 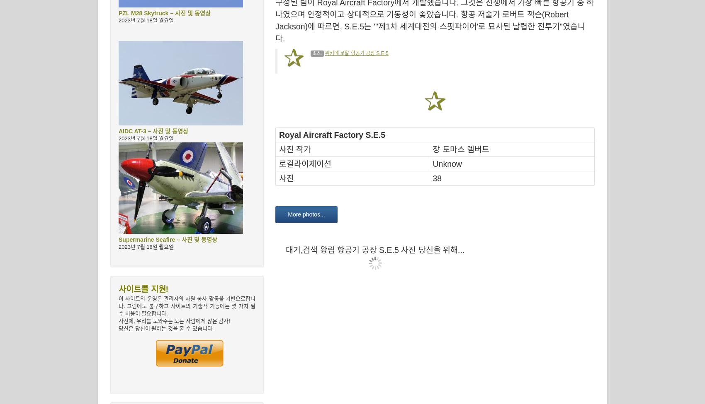 What do you see at coordinates (286, 250) in the screenshot?
I see `'대기,검색 왕립 항공기 공장 S.E.5 사진 당신을 위해...'` at bounding box center [286, 250].